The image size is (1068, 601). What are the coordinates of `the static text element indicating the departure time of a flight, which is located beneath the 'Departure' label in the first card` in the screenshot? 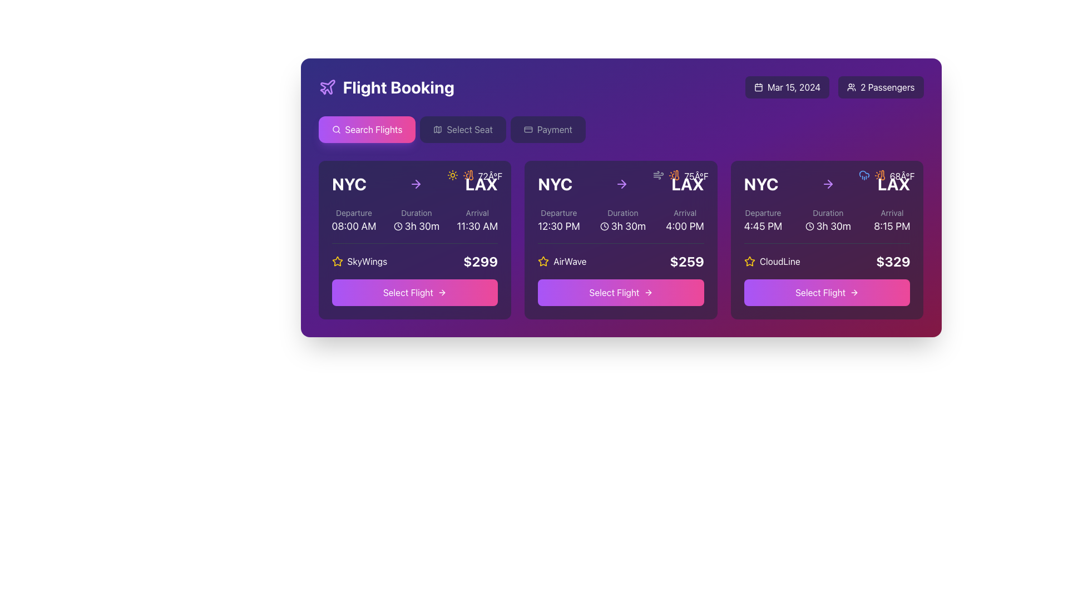 It's located at (353, 226).